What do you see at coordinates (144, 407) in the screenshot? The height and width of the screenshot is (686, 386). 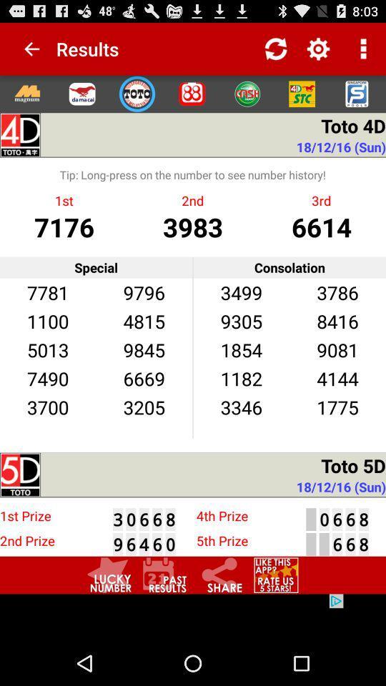 I see `the icon next to the 7490` at bounding box center [144, 407].